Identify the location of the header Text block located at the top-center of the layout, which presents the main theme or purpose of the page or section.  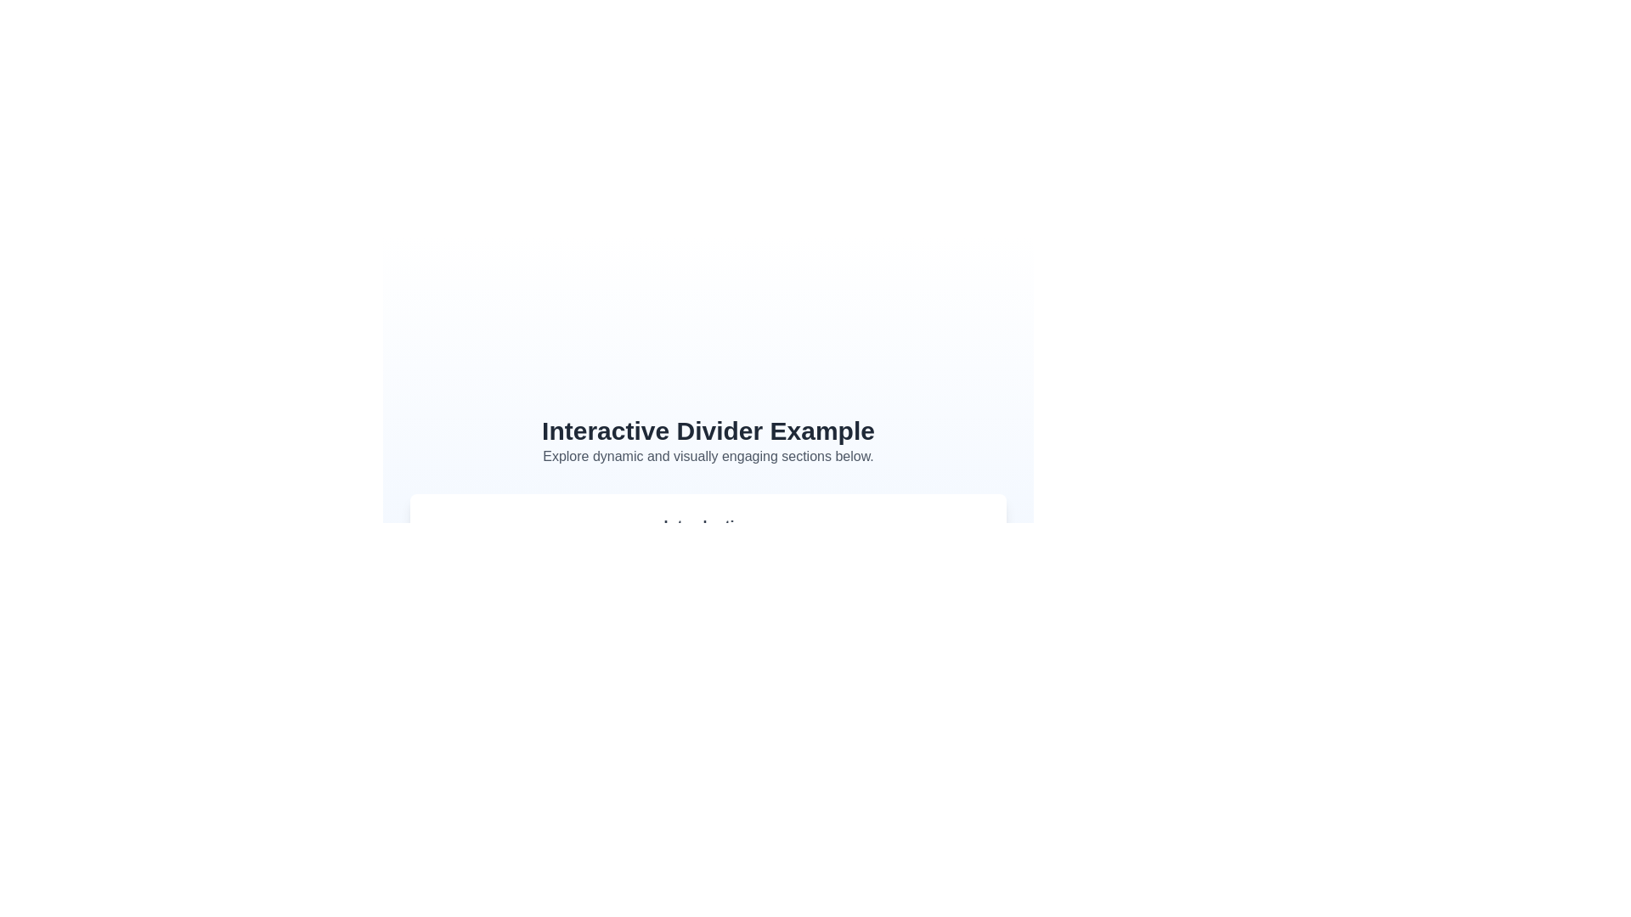
(708, 440).